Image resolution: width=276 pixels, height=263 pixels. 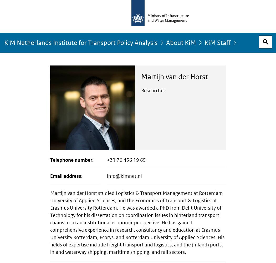 I want to click on 'Email address', so click(x=66, y=176).